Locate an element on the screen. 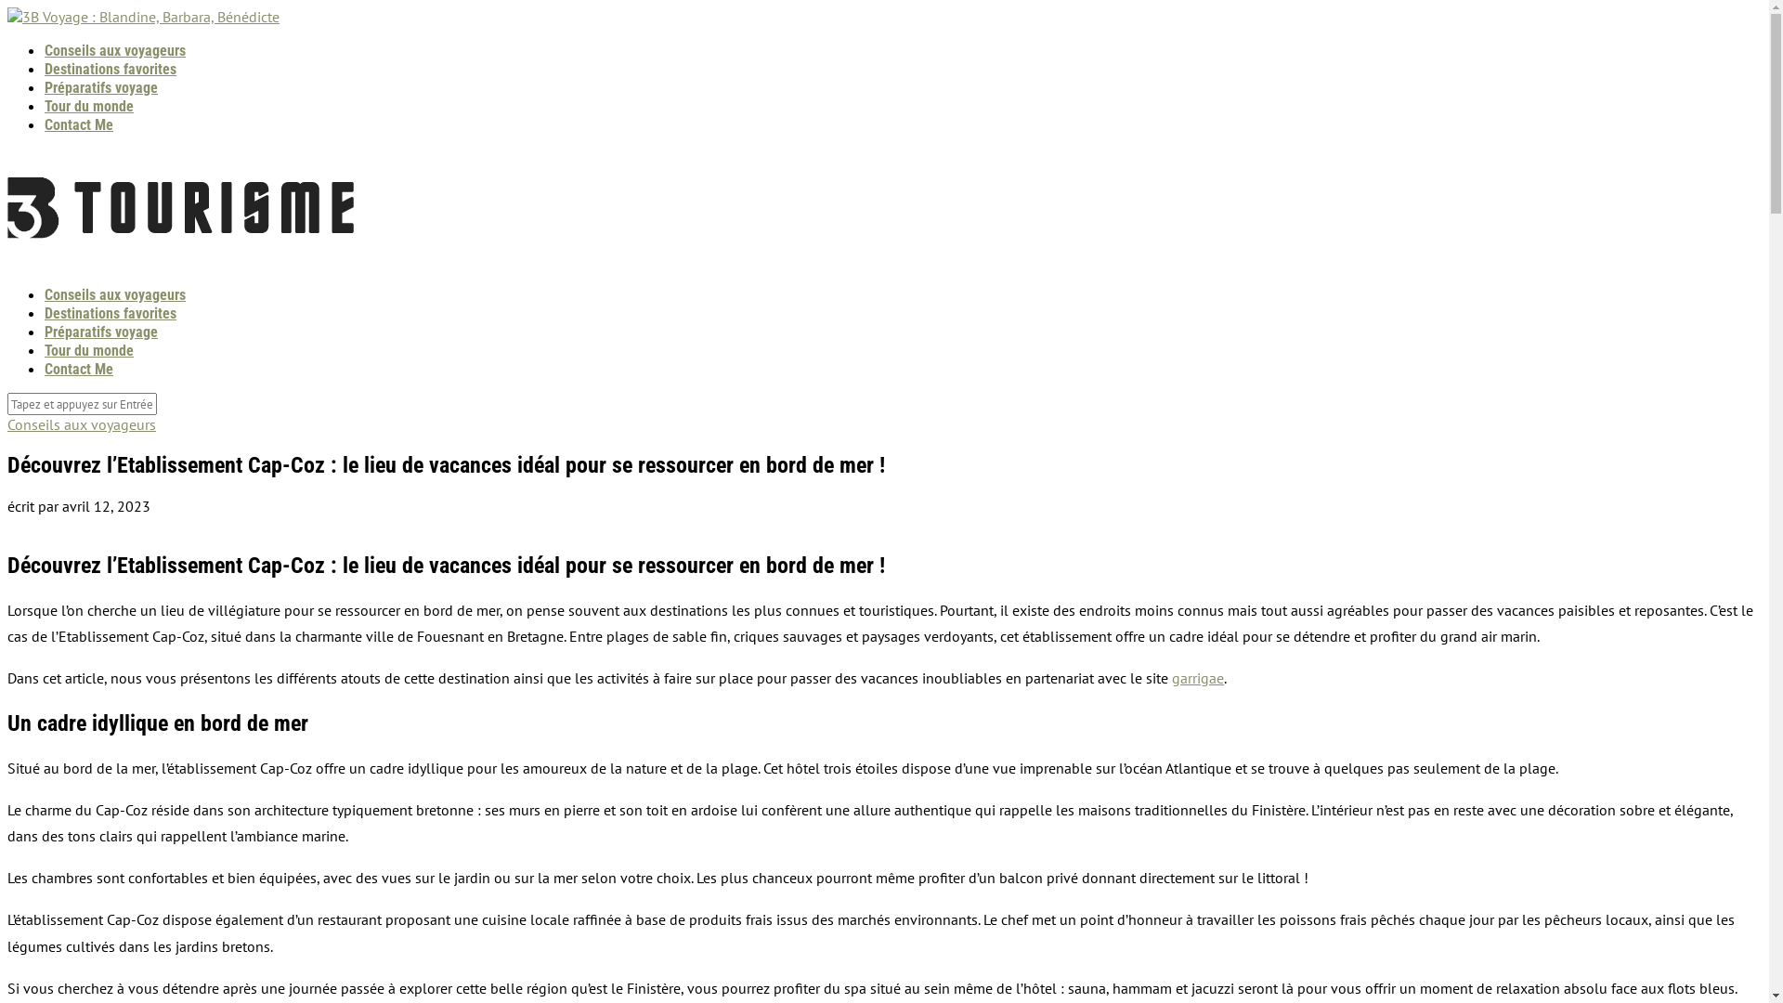 The width and height of the screenshot is (1783, 1003). 'Conseils aux voyageurs' is located at coordinates (80, 423).